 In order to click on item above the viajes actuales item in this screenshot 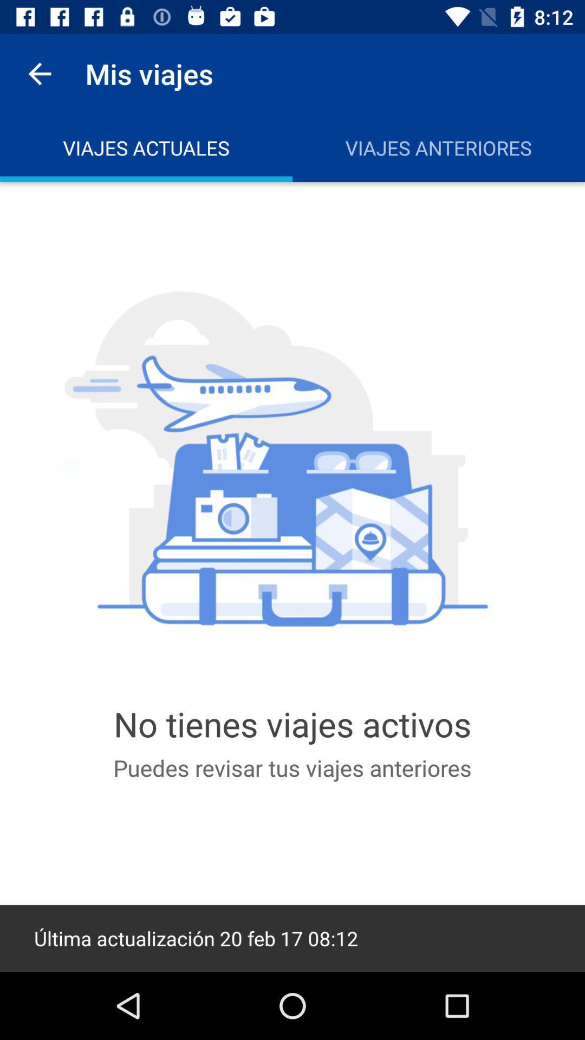, I will do `click(39, 73)`.